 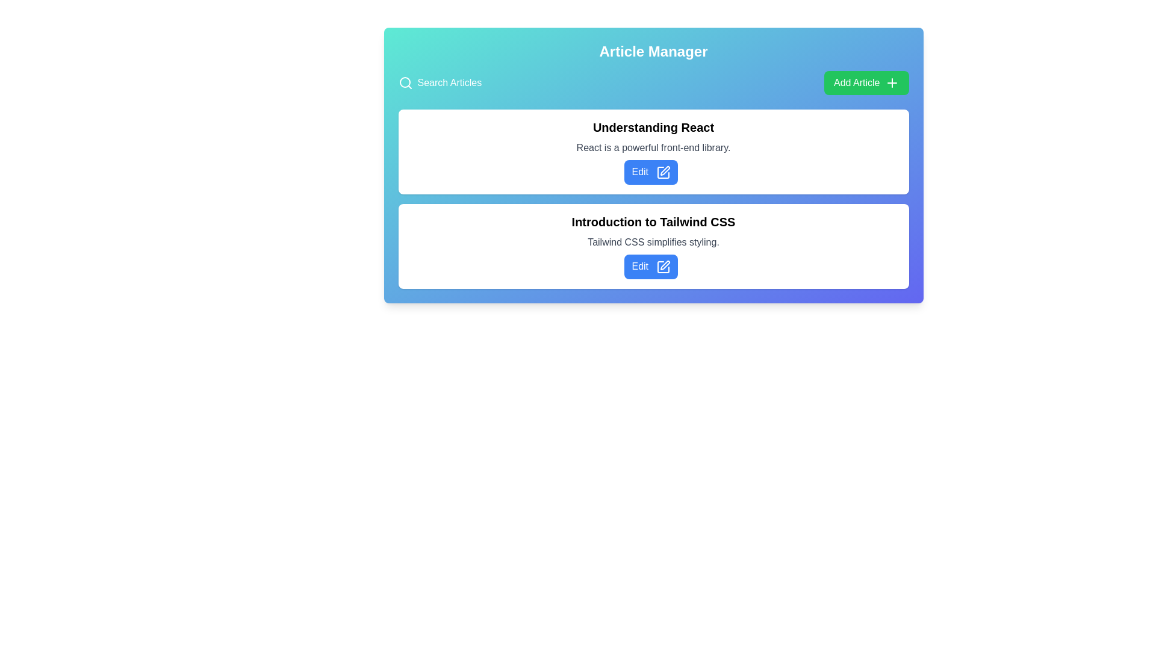 I want to click on the 'Edit' button with a blue background and white text, located in the 'Introduction to Tailwind CSS' section, so click(x=650, y=266).